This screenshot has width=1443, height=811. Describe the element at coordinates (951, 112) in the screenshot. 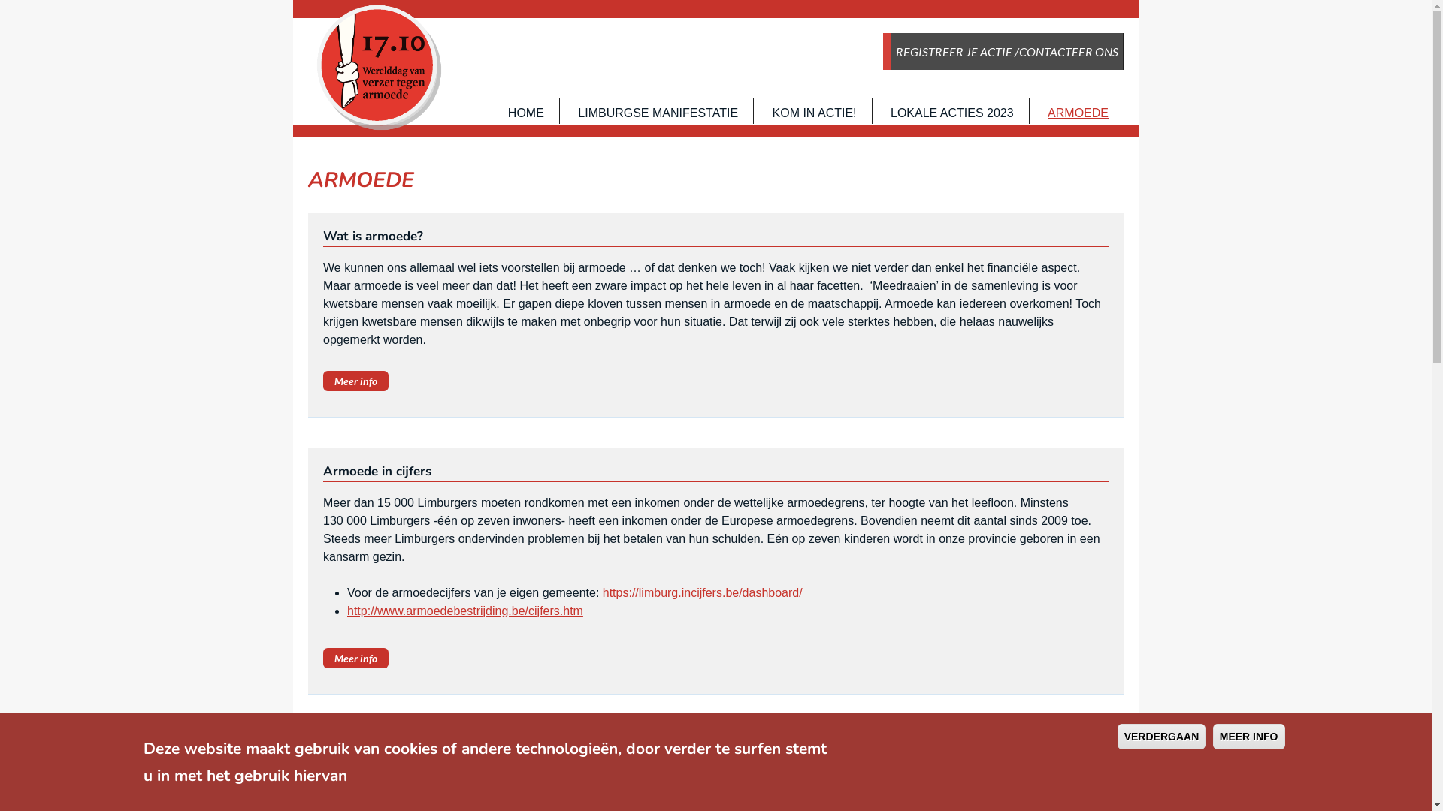

I see `'LOKALE ACTIES 2023'` at that location.